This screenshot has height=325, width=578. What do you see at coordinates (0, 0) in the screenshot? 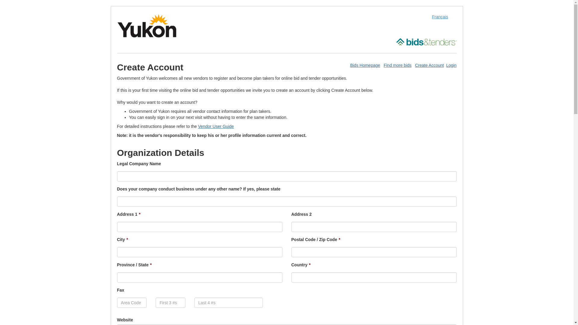
I see `'Skip to Content (Press Enter)'` at bounding box center [0, 0].